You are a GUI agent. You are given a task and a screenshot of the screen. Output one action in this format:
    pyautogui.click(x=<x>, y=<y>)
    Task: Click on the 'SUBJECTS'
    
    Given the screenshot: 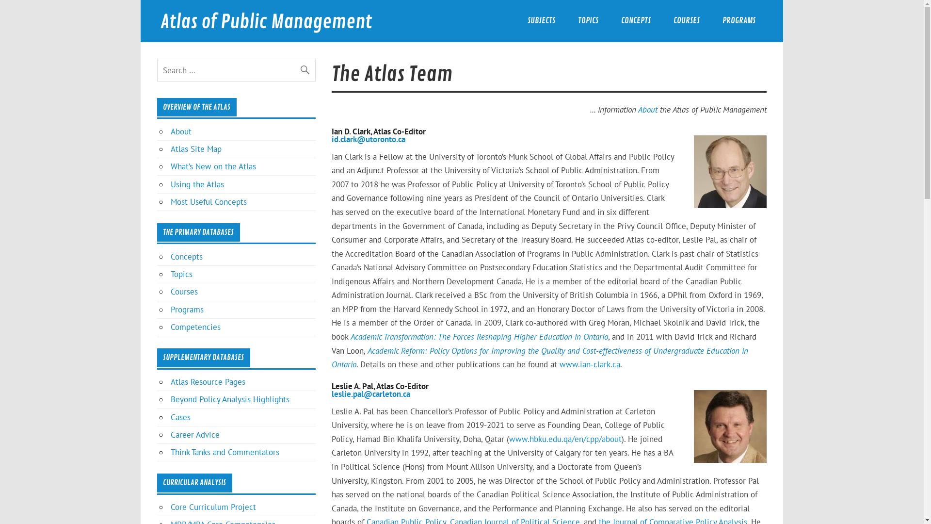 What is the action you would take?
    pyautogui.click(x=541, y=21)
    